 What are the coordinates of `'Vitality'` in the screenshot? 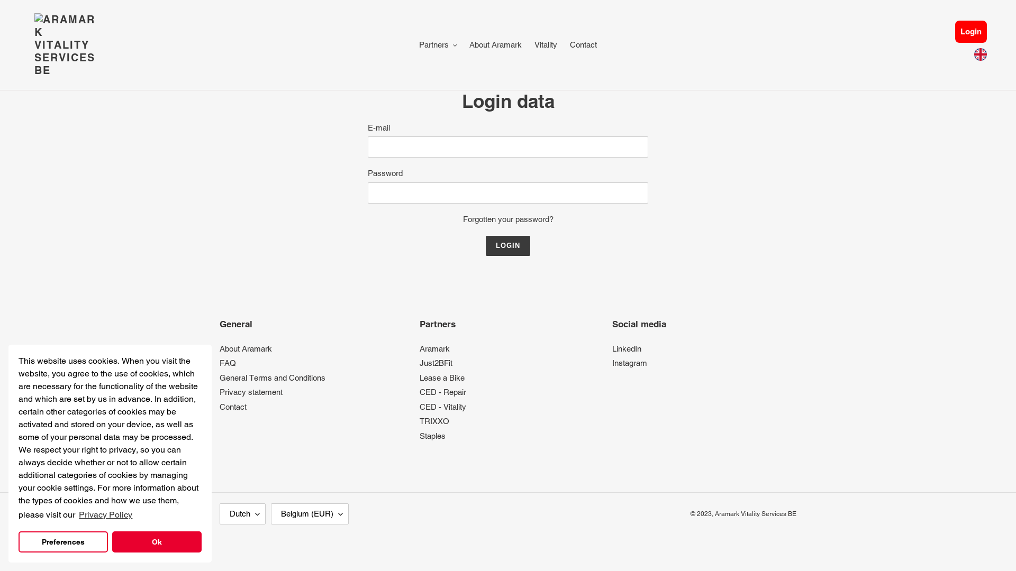 It's located at (546, 44).